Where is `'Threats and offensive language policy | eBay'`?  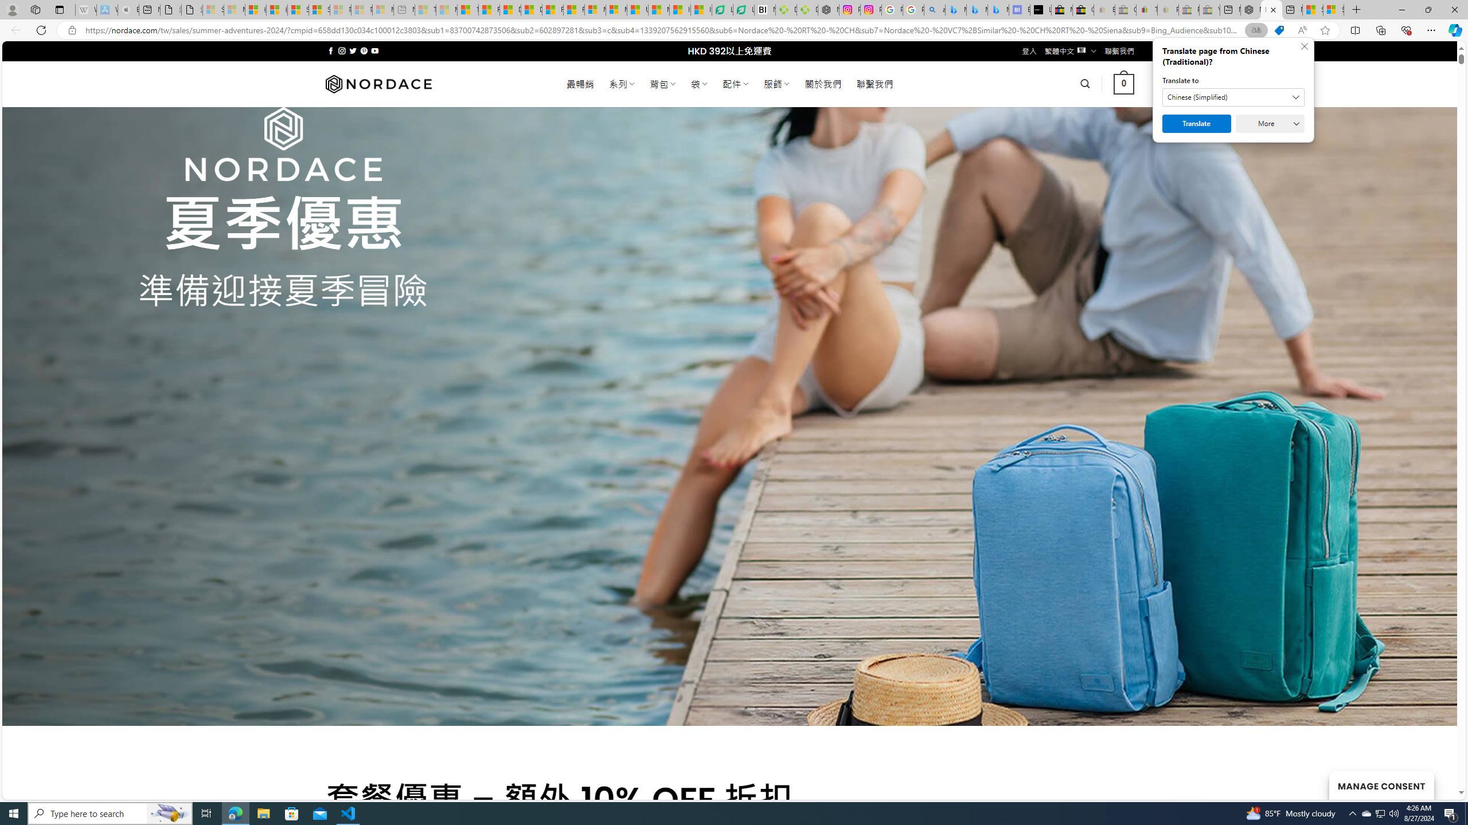
'Threats and offensive language policy | eBay' is located at coordinates (1147, 9).